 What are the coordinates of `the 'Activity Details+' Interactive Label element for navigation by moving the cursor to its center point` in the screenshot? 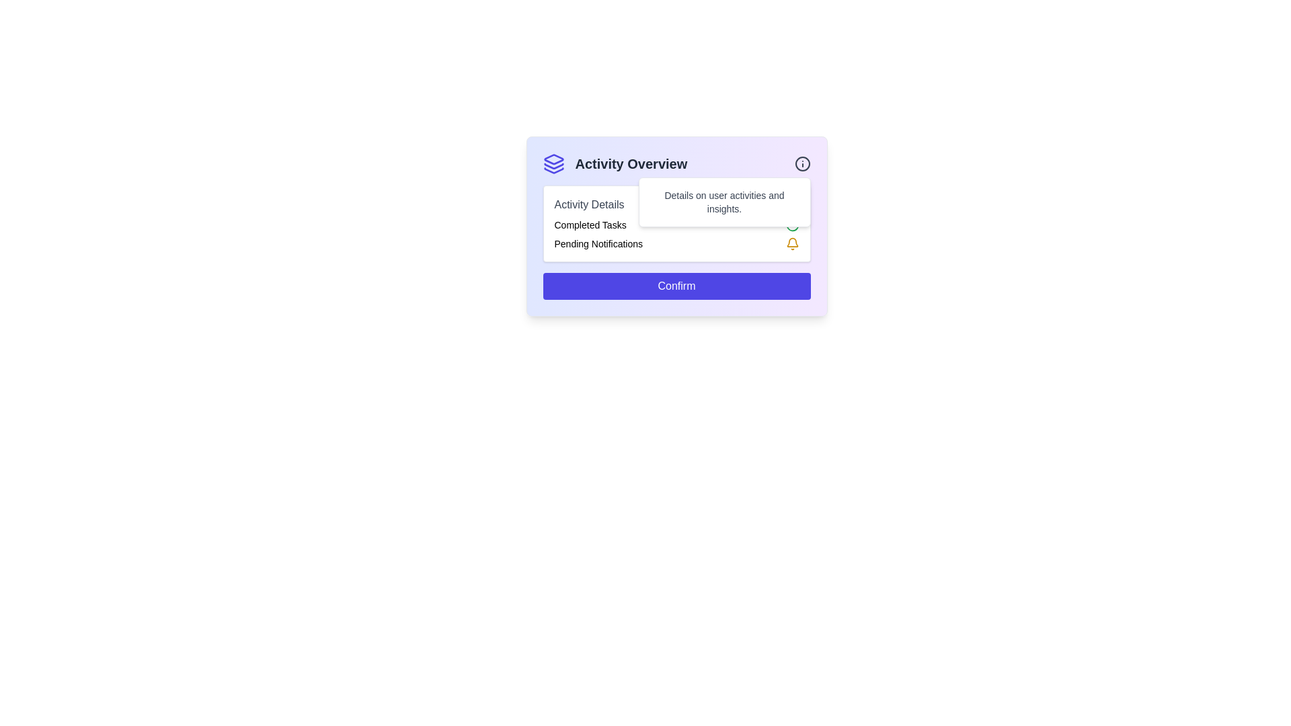 It's located at (676, 204).